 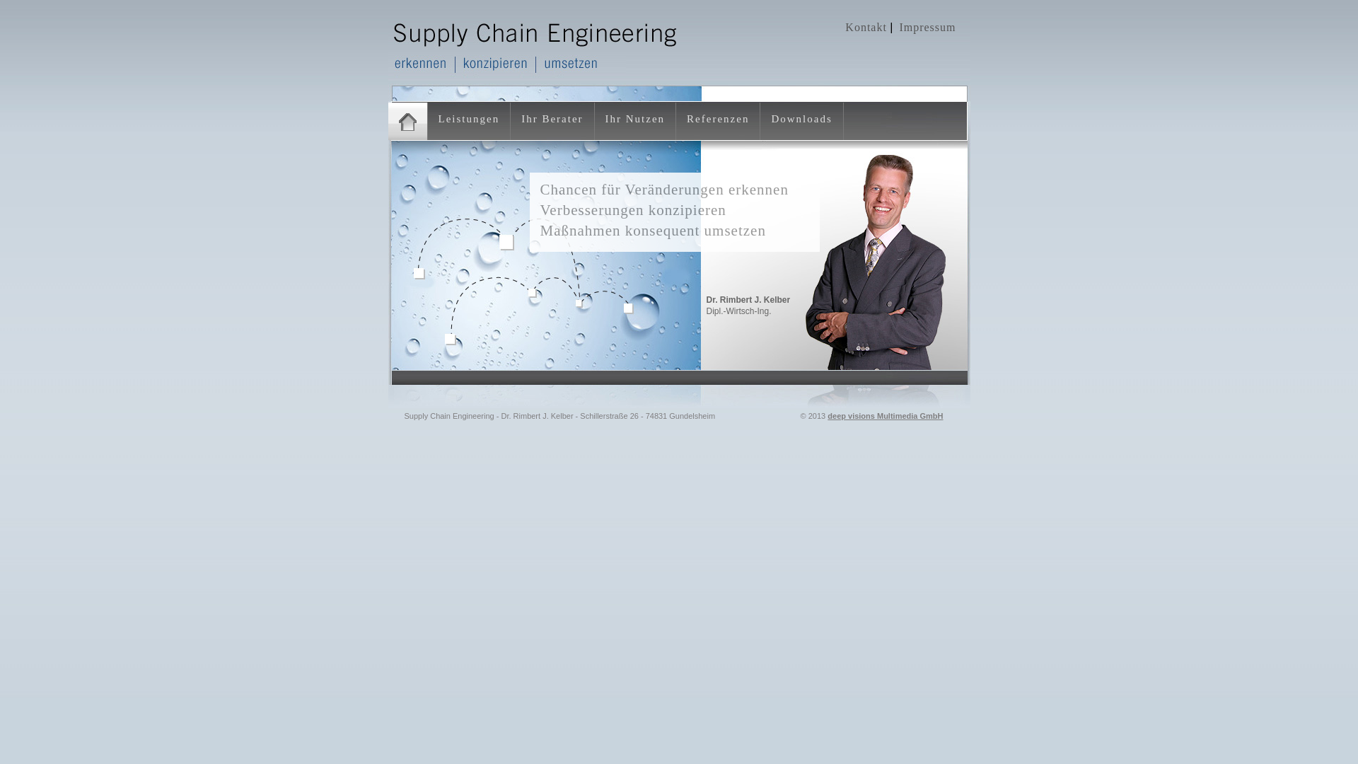 What do you see at coordinates (551, 118) in the screenshot?
I see `'Ihr Berater'` at bounding box center [551, 118].